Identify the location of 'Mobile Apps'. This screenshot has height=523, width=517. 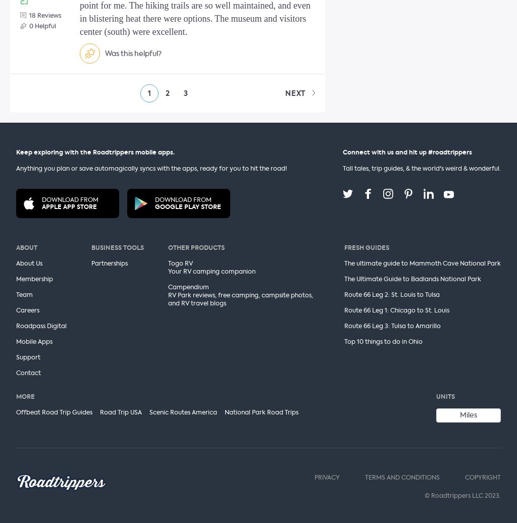
(16, 342).